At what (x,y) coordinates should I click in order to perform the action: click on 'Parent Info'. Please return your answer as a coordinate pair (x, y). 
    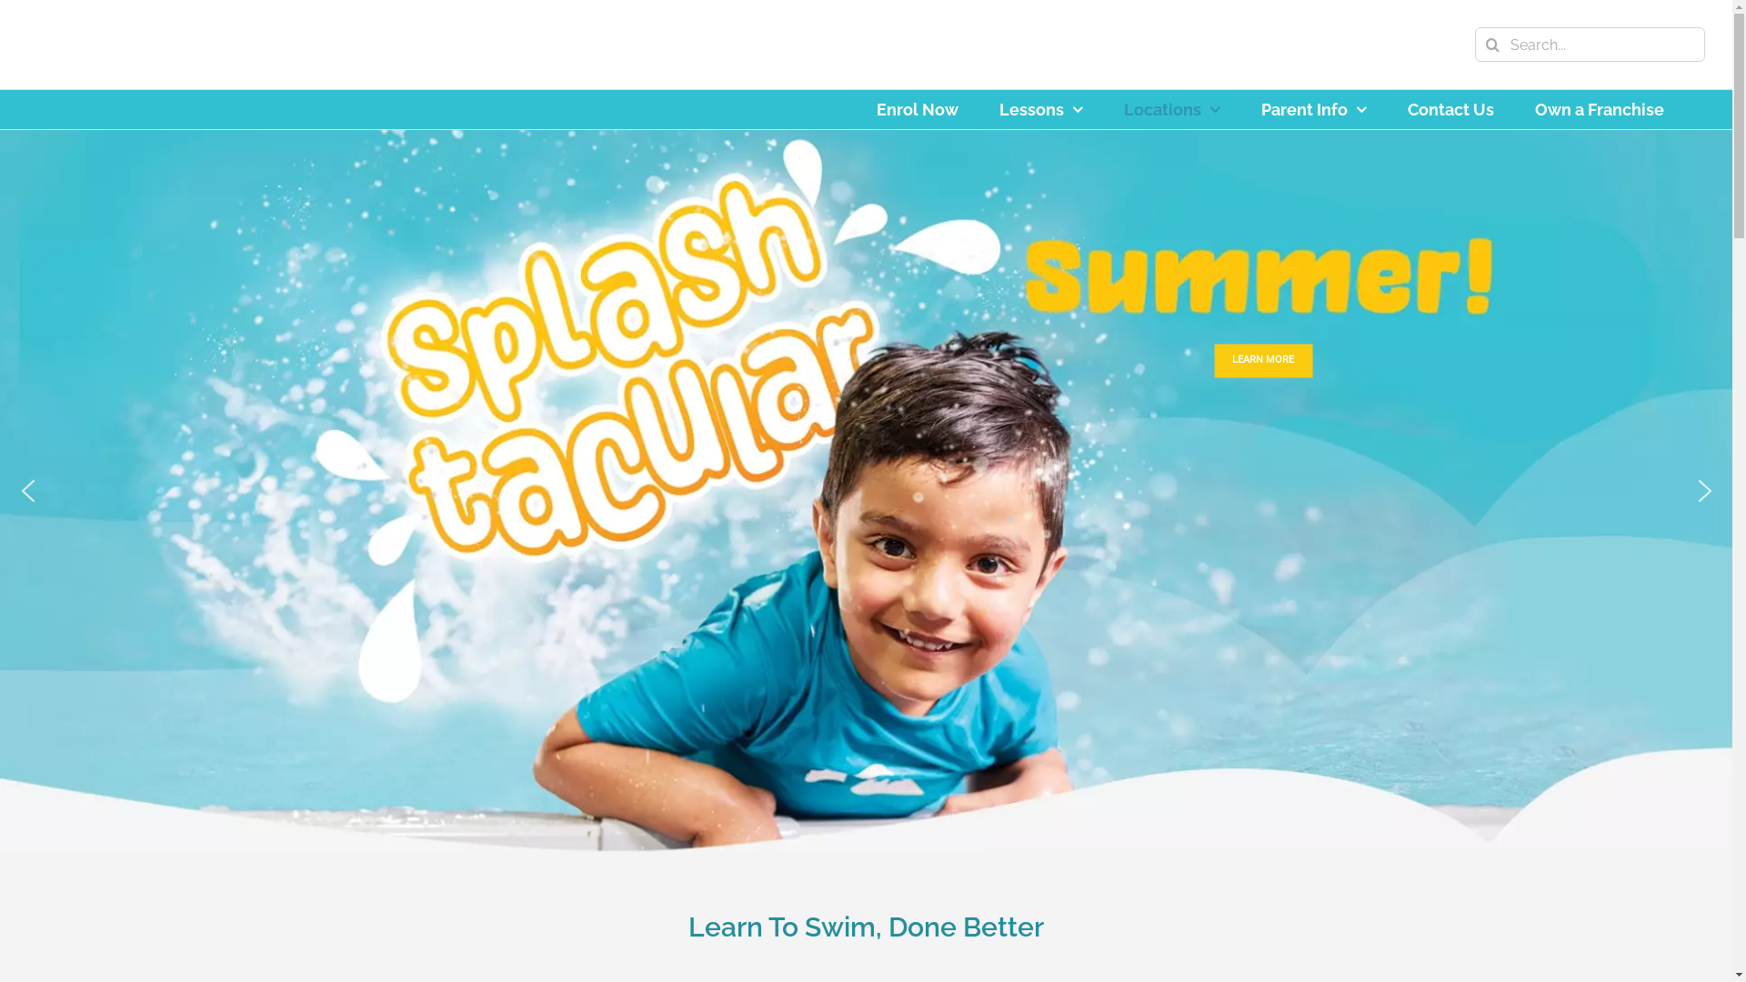
    Looking at the image, I should click on (1313, 109).